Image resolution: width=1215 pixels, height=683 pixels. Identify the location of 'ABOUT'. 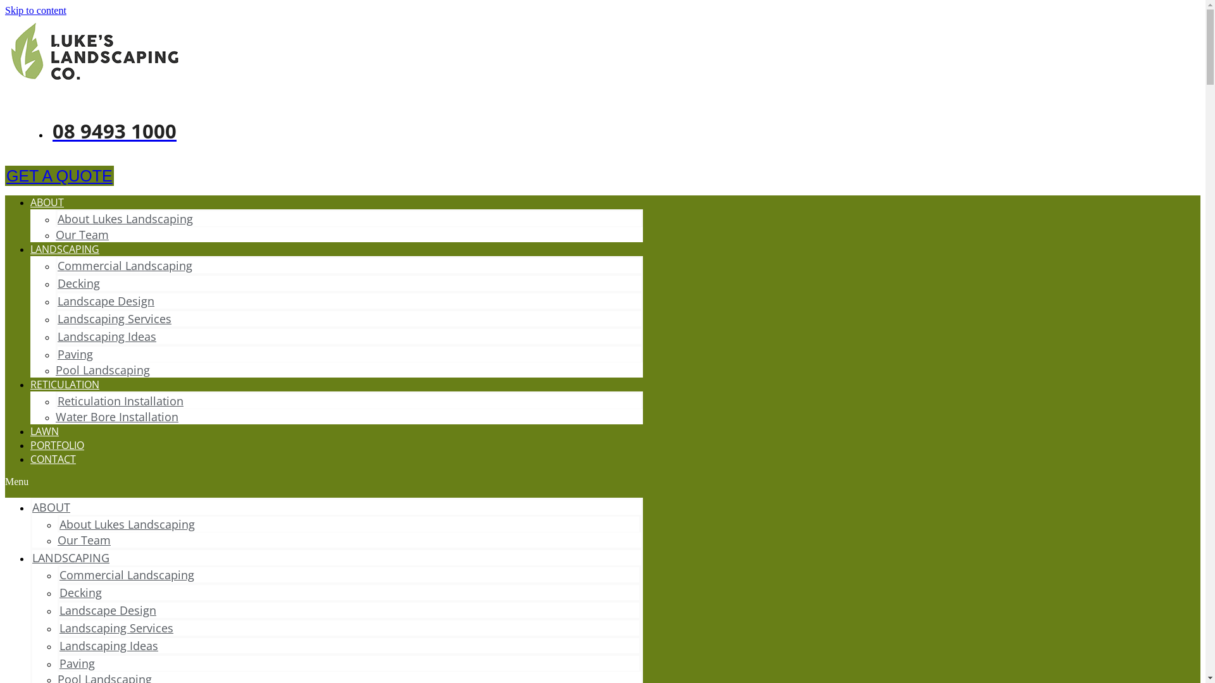
(51, 507).